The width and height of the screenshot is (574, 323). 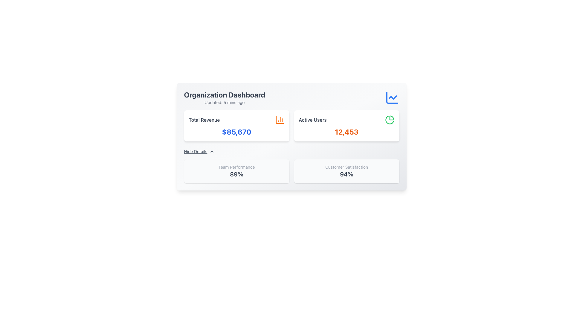 What do you see at coordinates (224, 97) in the screenshot?
I see `title and timestamp from the text block located in the top-left corner of the main content section beneath the dashboard header` at bounding box center [224, 97].